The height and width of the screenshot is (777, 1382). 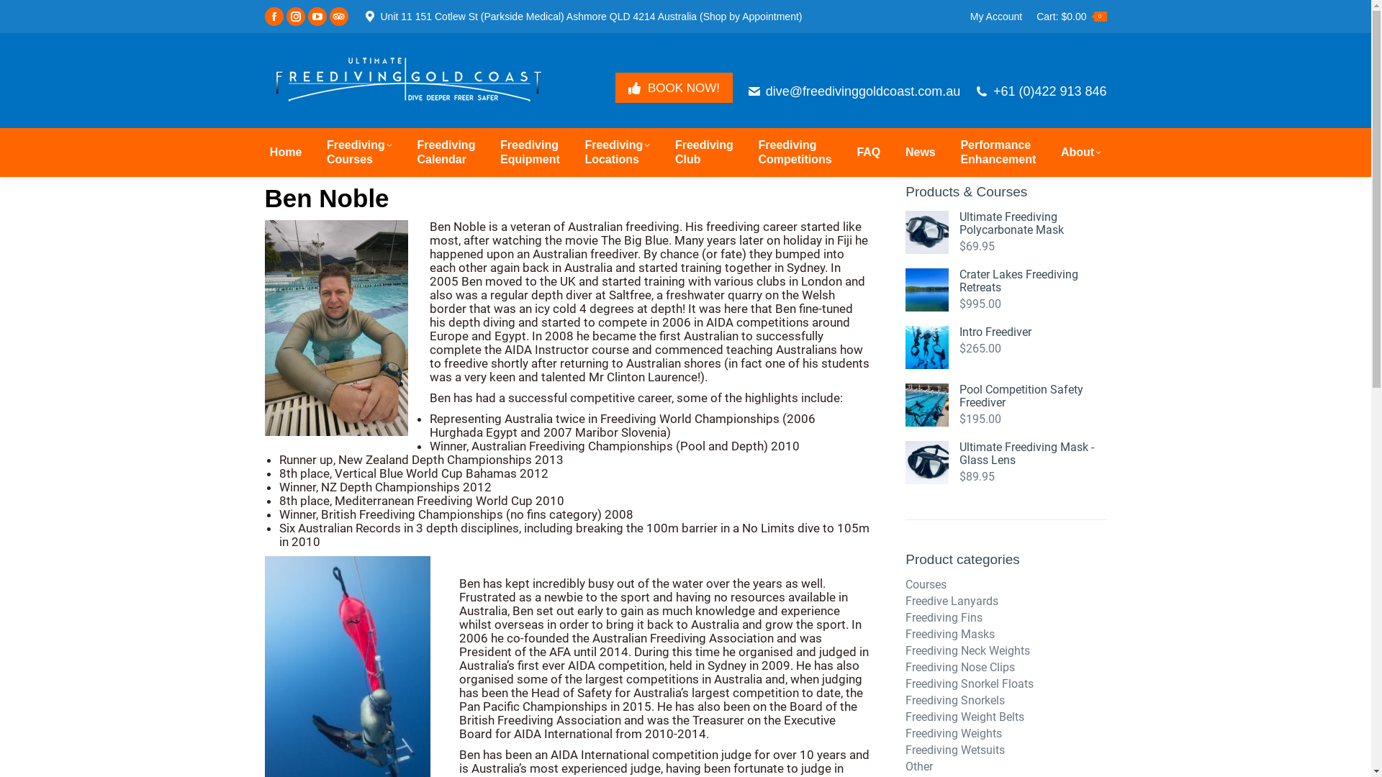 What do you see at coordinates (960, 668) in the screenshot?
I see `'Freediving Nose Clips'` at bounding box center [960, 668].